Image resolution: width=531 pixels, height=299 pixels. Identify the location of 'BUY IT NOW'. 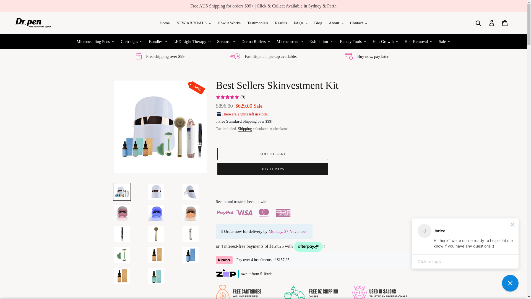
(272, 168).